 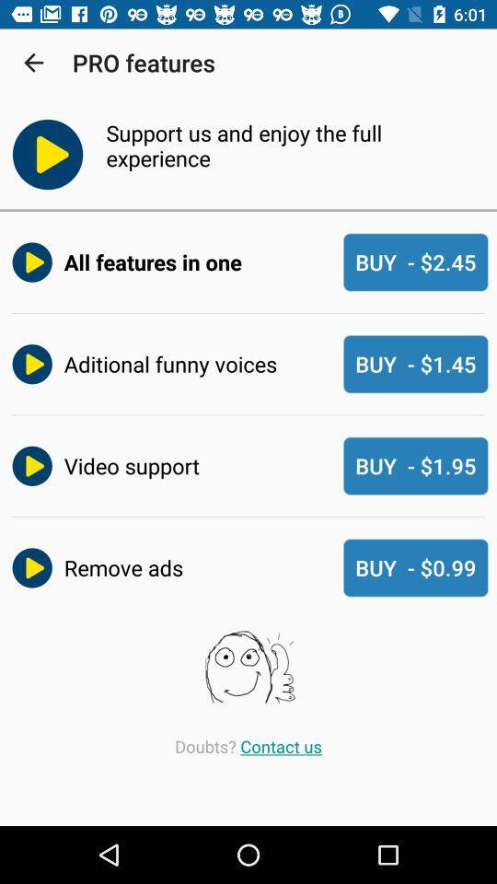 I want to click on the play icon, so click(x=28, y=465).